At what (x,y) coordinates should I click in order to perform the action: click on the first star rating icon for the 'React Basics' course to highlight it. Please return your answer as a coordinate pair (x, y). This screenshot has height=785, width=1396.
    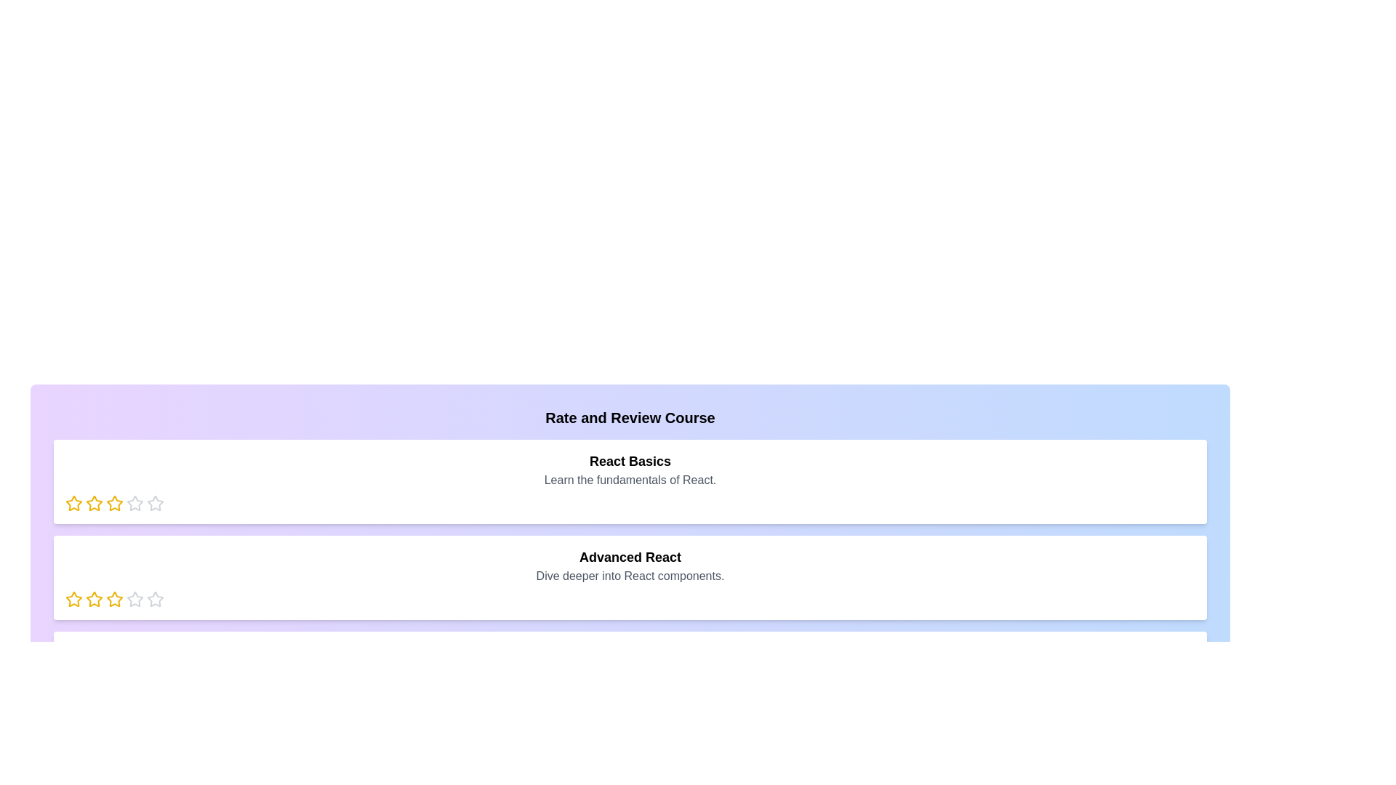
    Looking at the image, I should click on (73, 502).